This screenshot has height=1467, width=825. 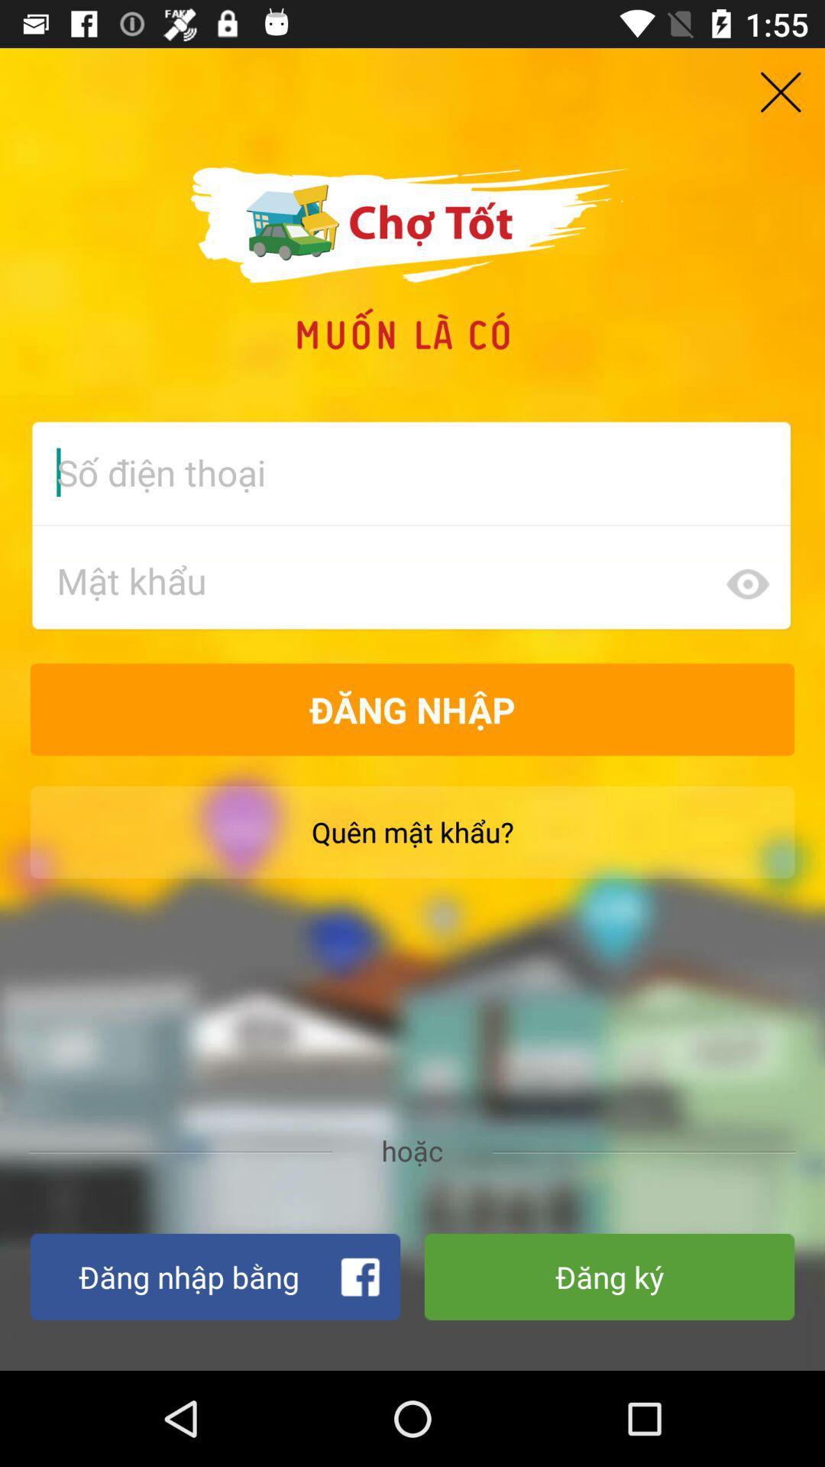 I want to click on the blue color button, so click(x=215, y=1277).